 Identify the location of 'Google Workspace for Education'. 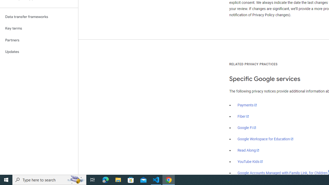
(265, 139).